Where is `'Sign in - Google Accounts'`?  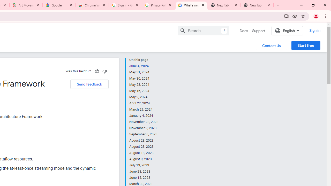
'Sign in - Google Accounts' is located at coordinates (125, 5).